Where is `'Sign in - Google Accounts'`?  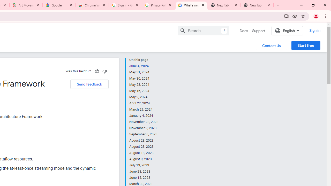
'Sign in - Google Accounts' is located at coordinates (125, 5).